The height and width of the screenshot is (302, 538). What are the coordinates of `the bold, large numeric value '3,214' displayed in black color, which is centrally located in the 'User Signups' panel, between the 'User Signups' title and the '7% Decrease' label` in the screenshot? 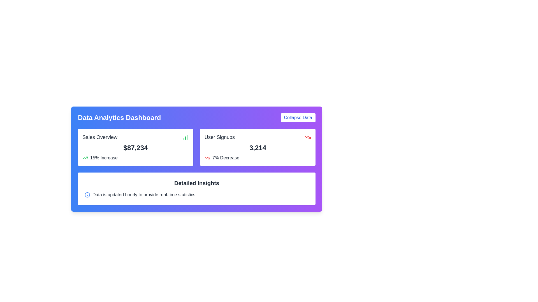 It's located at (258, 147).